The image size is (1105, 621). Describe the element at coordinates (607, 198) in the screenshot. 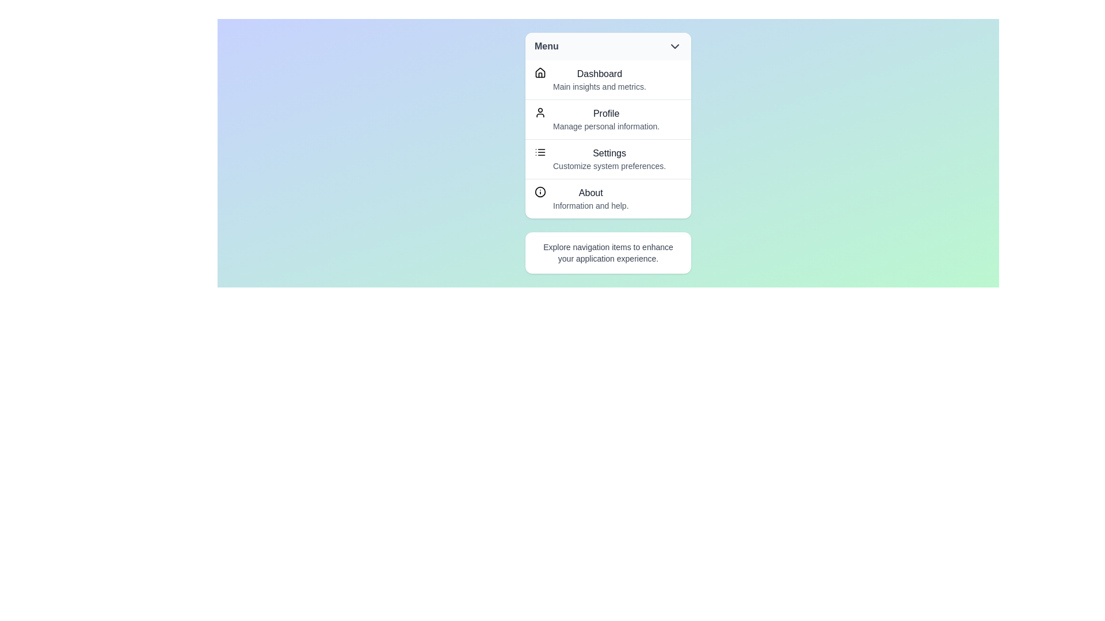

I see `the menu item labeled About` at that location.